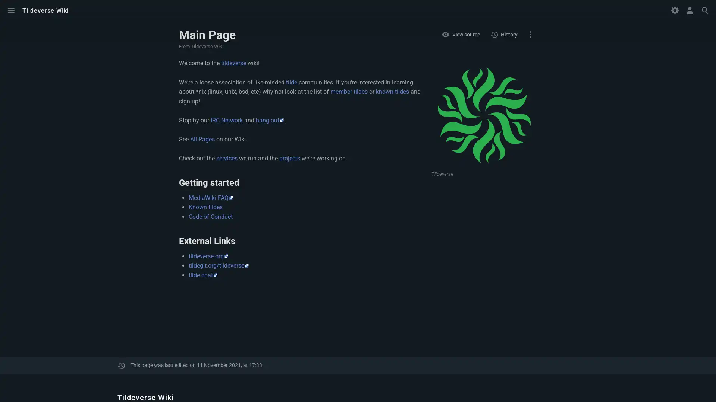  What do you see at coordinates (689, 10) in the screenshot?
I see `Toggle personal menu` at bounding box center [689, 10].